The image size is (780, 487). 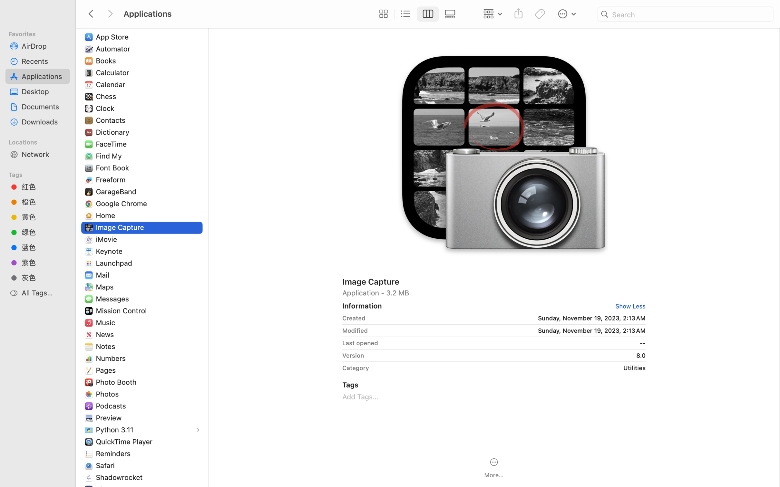 I want to click on 'Python 3.11', so click(x=115, y=429).